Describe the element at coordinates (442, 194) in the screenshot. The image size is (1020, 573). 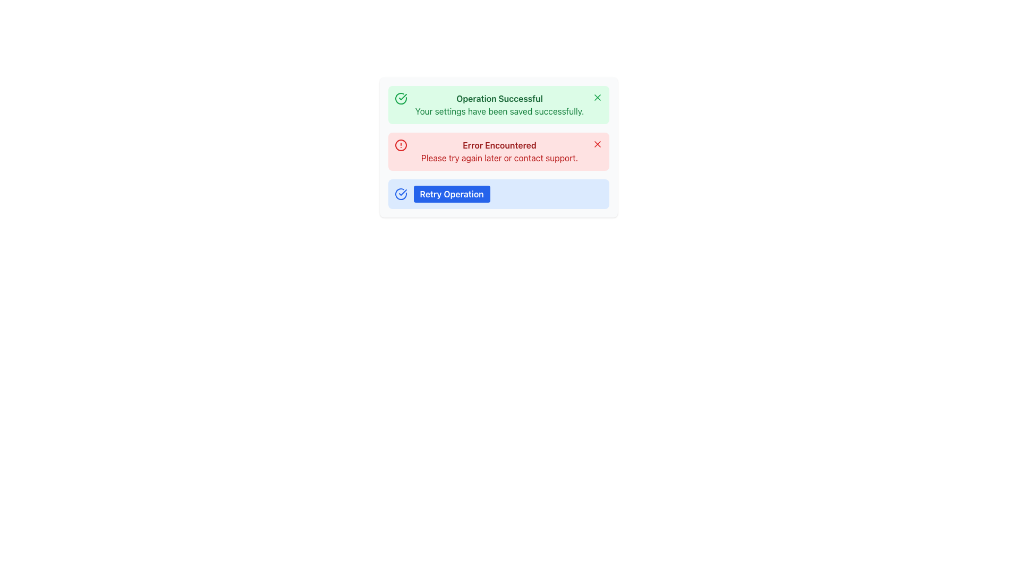
I see `the 'Retry Operation' button, which is a rounded rectangle with a blue background and white text, located to the right of a blue circular icon with a checkmark` at that location.